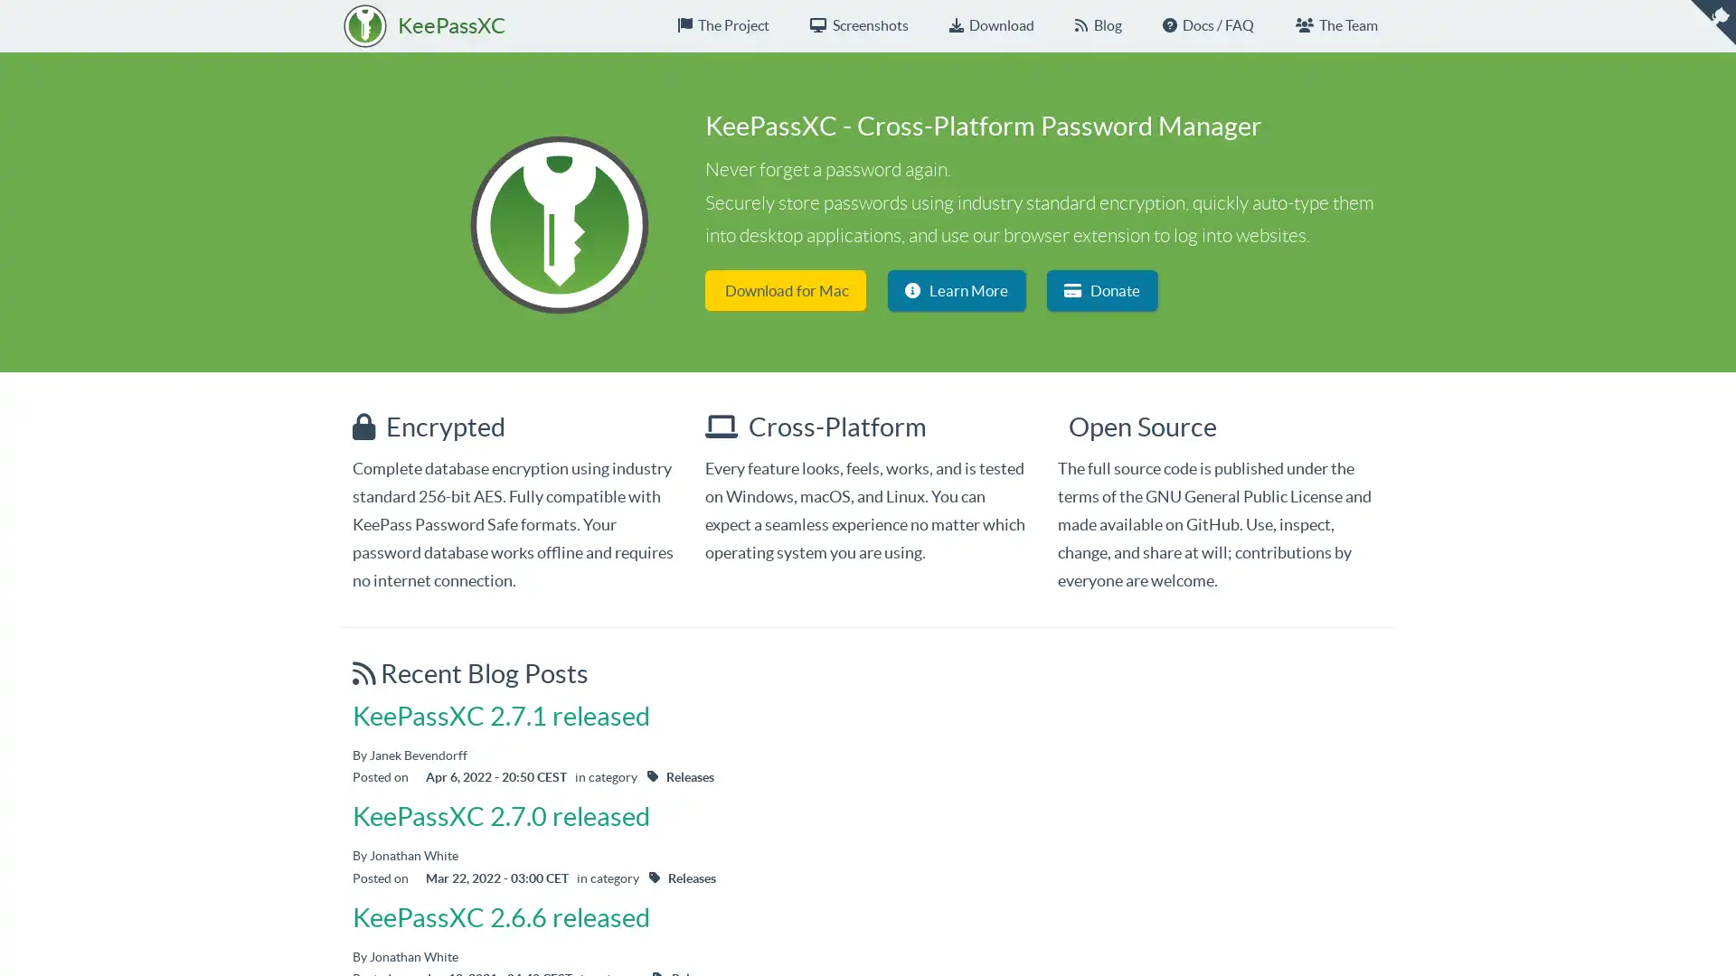 The width and height of the screenshot is (1736, 976). Describe the element at coordinates (955, 288) in the screenshot. I see `Learn More` at that location.